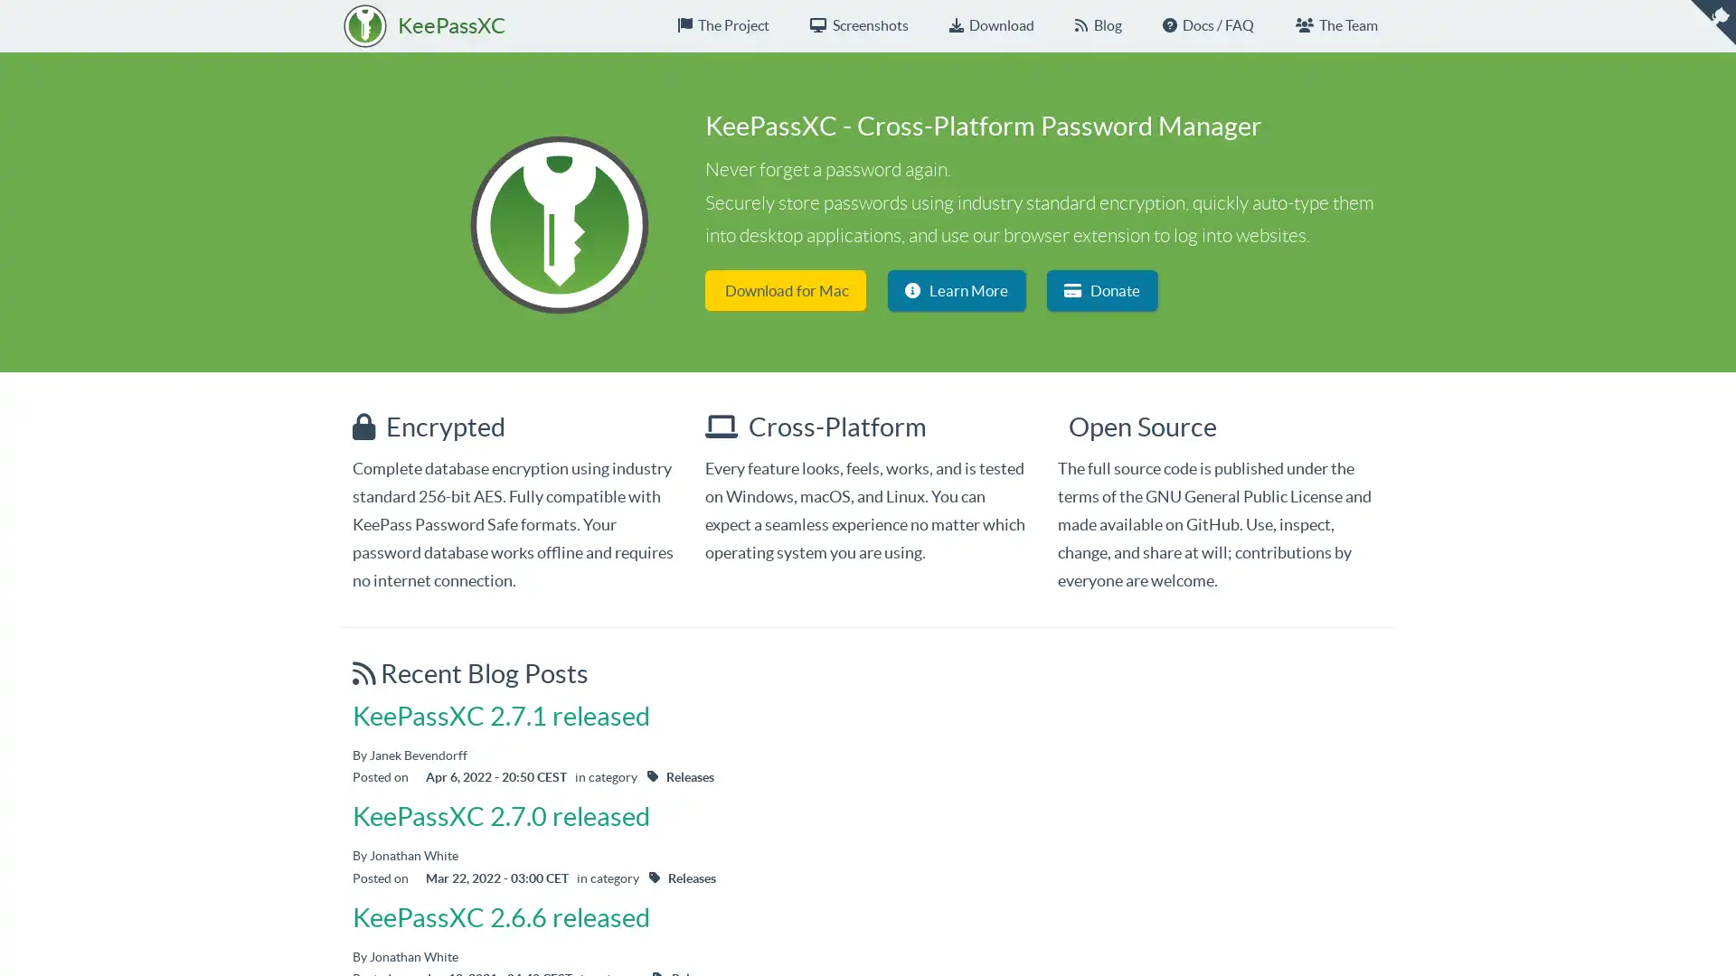 The width and height of the screenshot is (1736, 976). Describe the element at coordinates (955, 288) in the screenshot. I see `Learn More` at that location.